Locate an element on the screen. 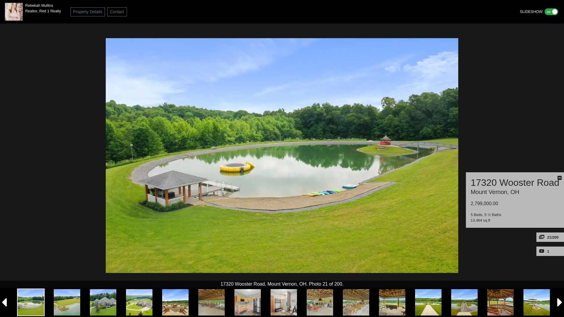 Image resolution: width=564 pixels, height=317 pixels. 'Property Details' is located at coordinates (87, 11).